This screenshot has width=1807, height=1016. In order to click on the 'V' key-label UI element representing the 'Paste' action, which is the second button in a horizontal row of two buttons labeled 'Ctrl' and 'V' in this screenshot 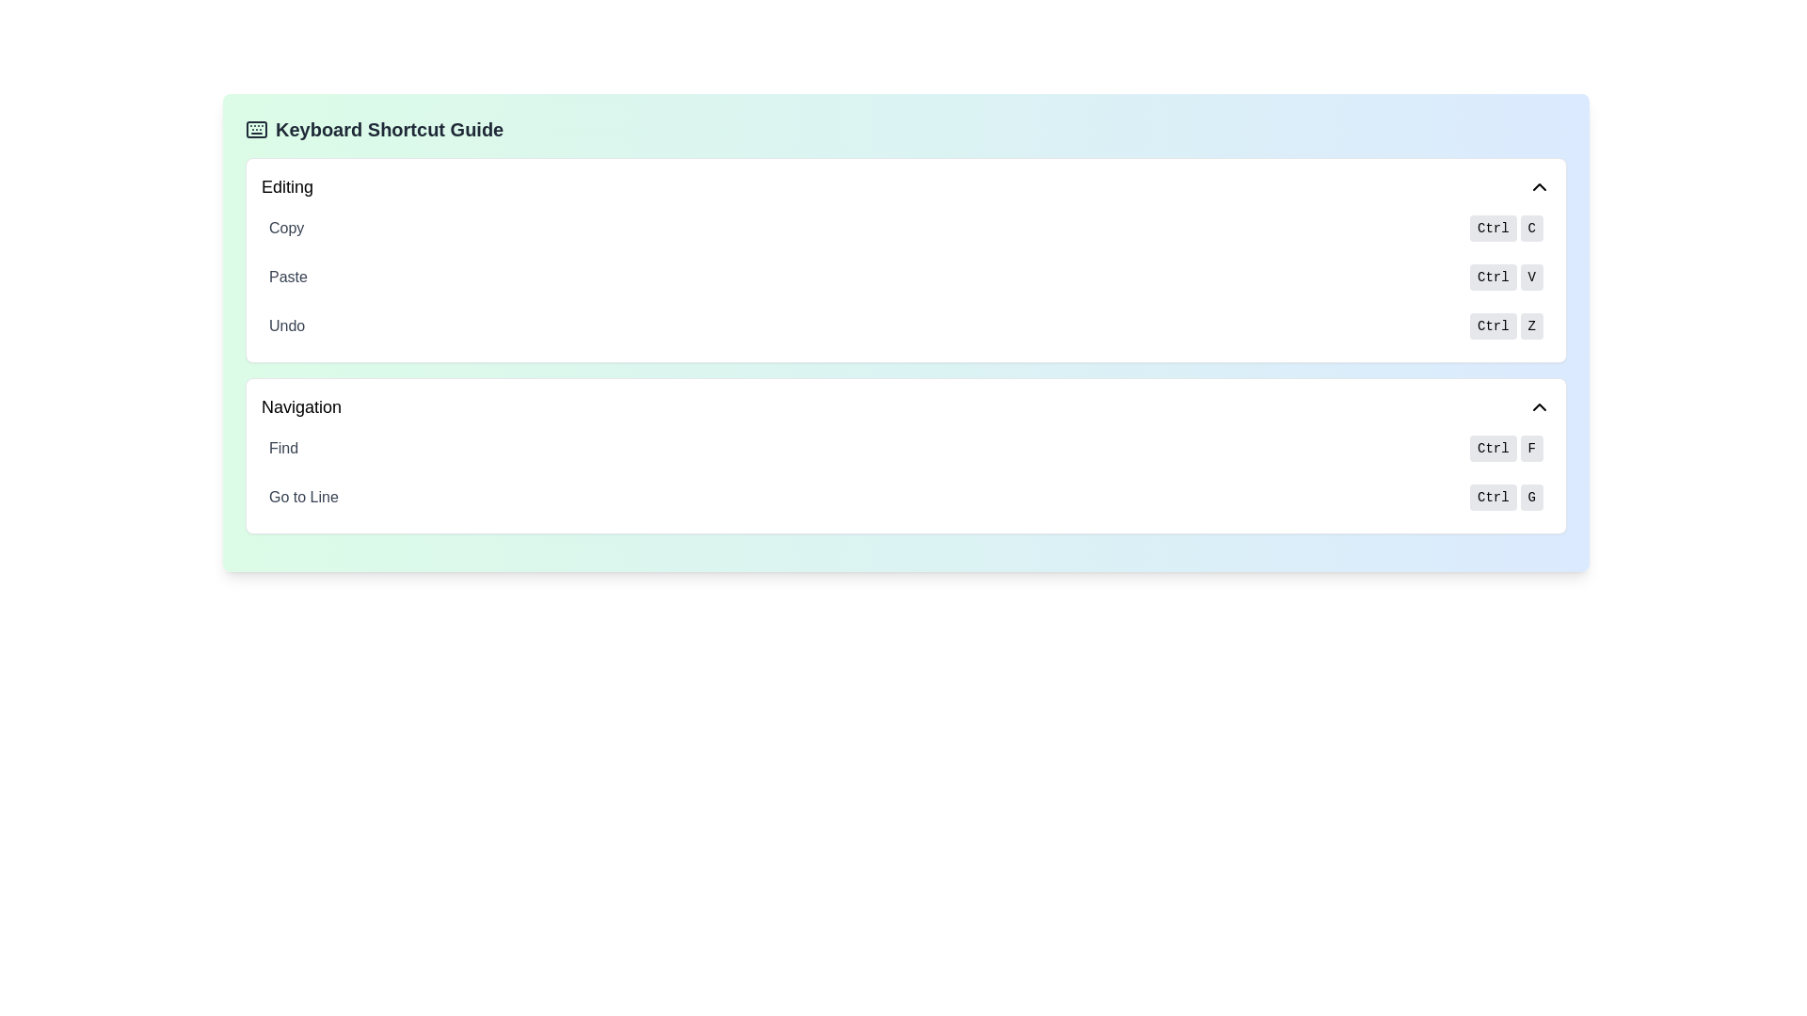, I will do `click(1531, 277)`.